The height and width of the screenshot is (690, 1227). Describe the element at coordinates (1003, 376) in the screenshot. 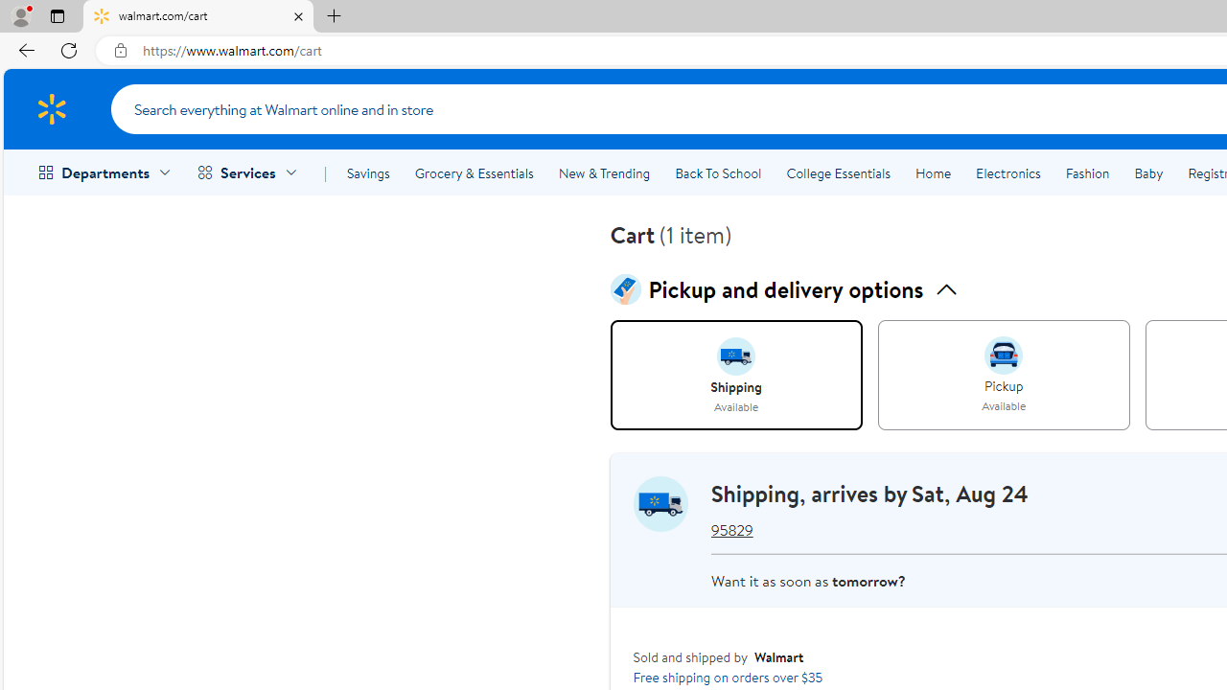

I see `'PICKUP, Available'` at that location.